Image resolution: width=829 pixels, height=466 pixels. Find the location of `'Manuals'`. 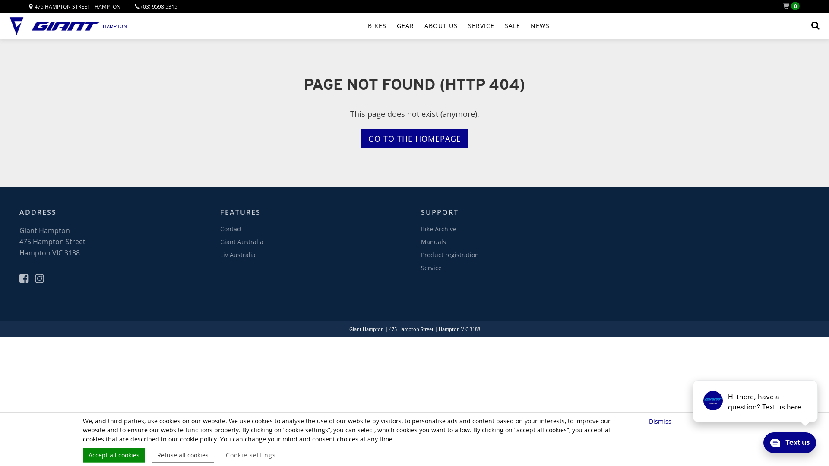

'Manuals' is located at coordinates (421, 242).